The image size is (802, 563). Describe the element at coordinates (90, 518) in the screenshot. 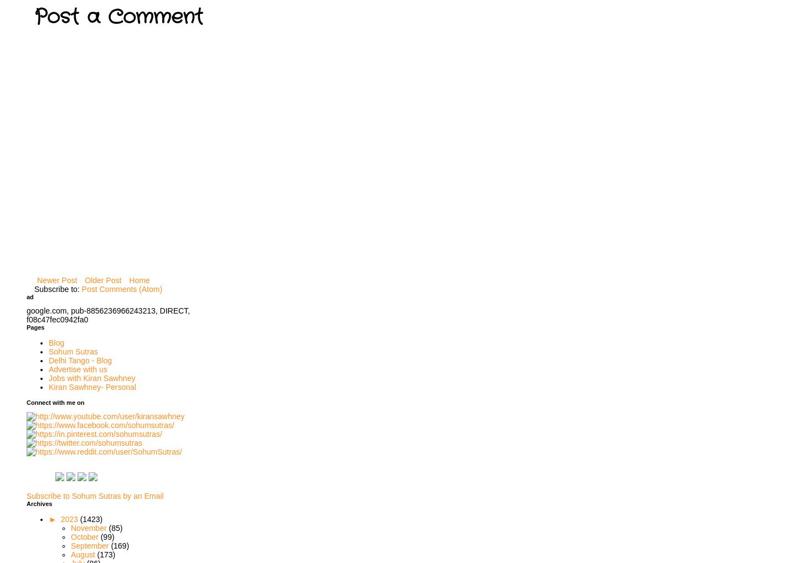

I see `'(1423)'` at that location.